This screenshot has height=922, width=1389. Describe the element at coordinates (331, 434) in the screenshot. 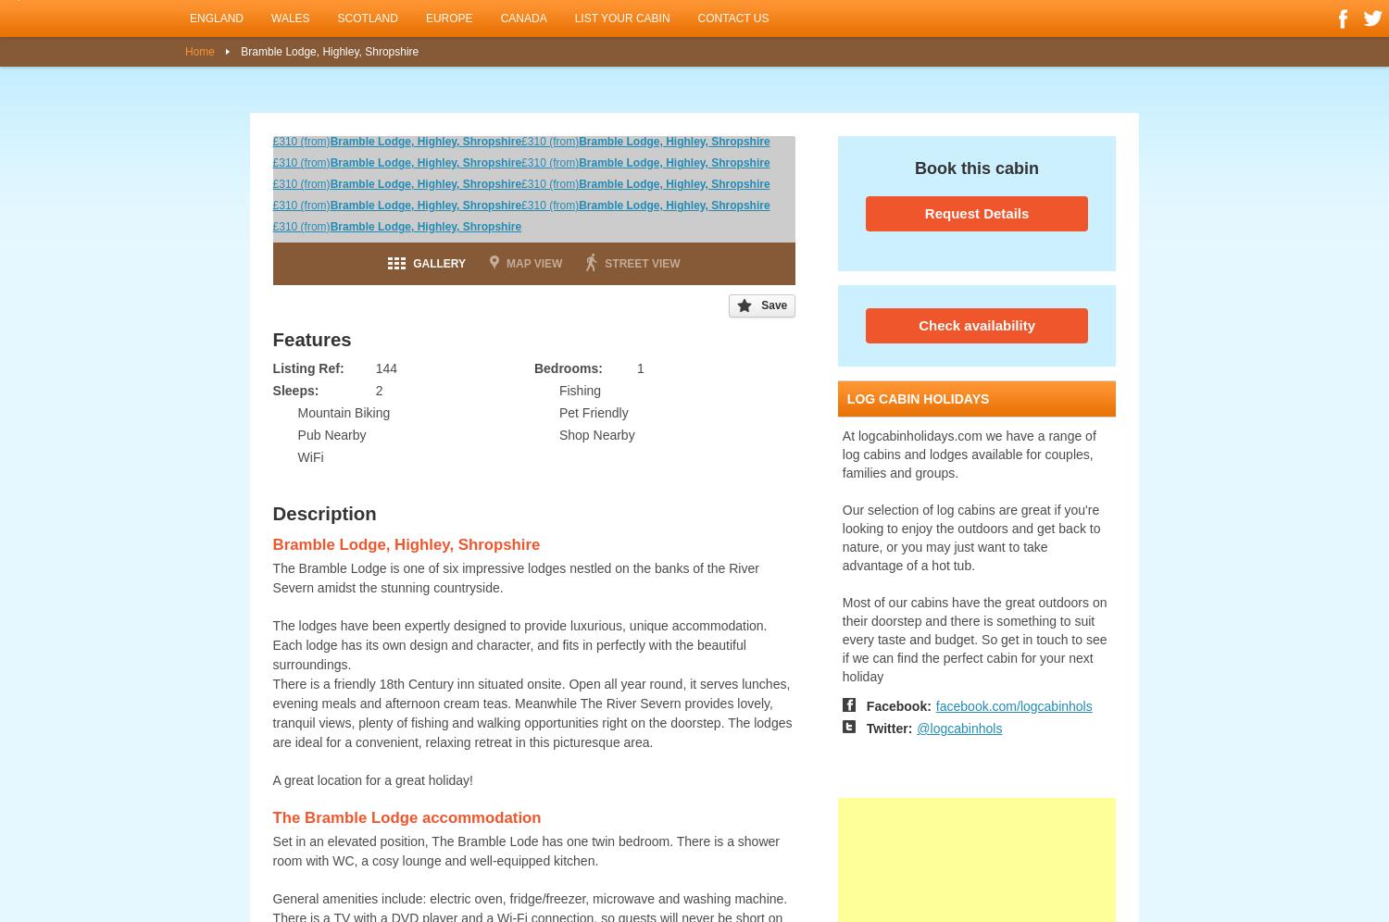

I see `'Pub Nearby'` at that location.